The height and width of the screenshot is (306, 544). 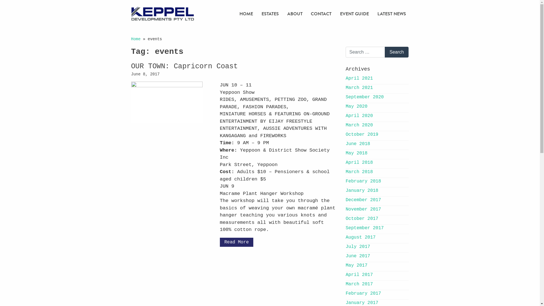 I want to click on 'February 2018', so click(x=363, y=181).